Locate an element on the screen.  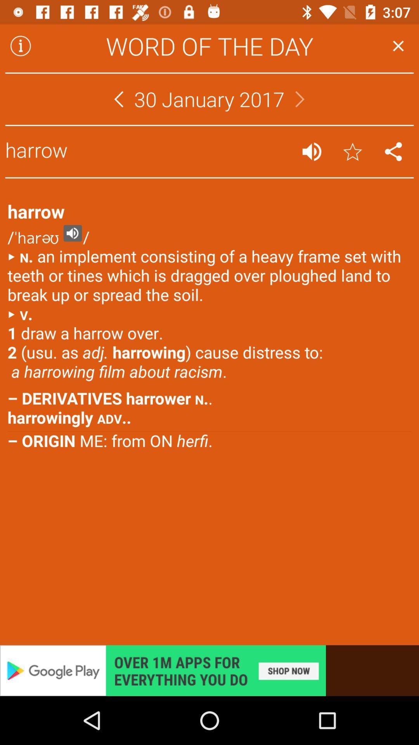
next is located at coordinates (300, 99).